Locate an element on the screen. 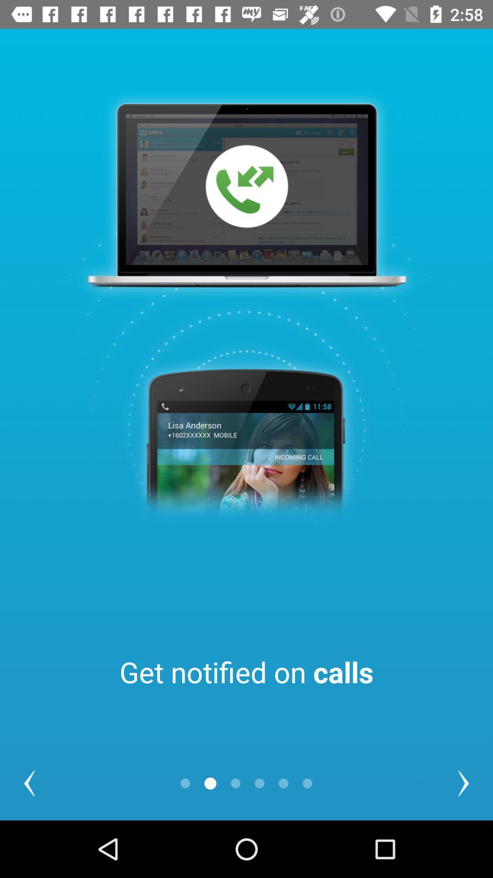 Image resolution: width=493 pixels, height=878 pixels. the arrow_backward icon is located at coordinates (29, 783).